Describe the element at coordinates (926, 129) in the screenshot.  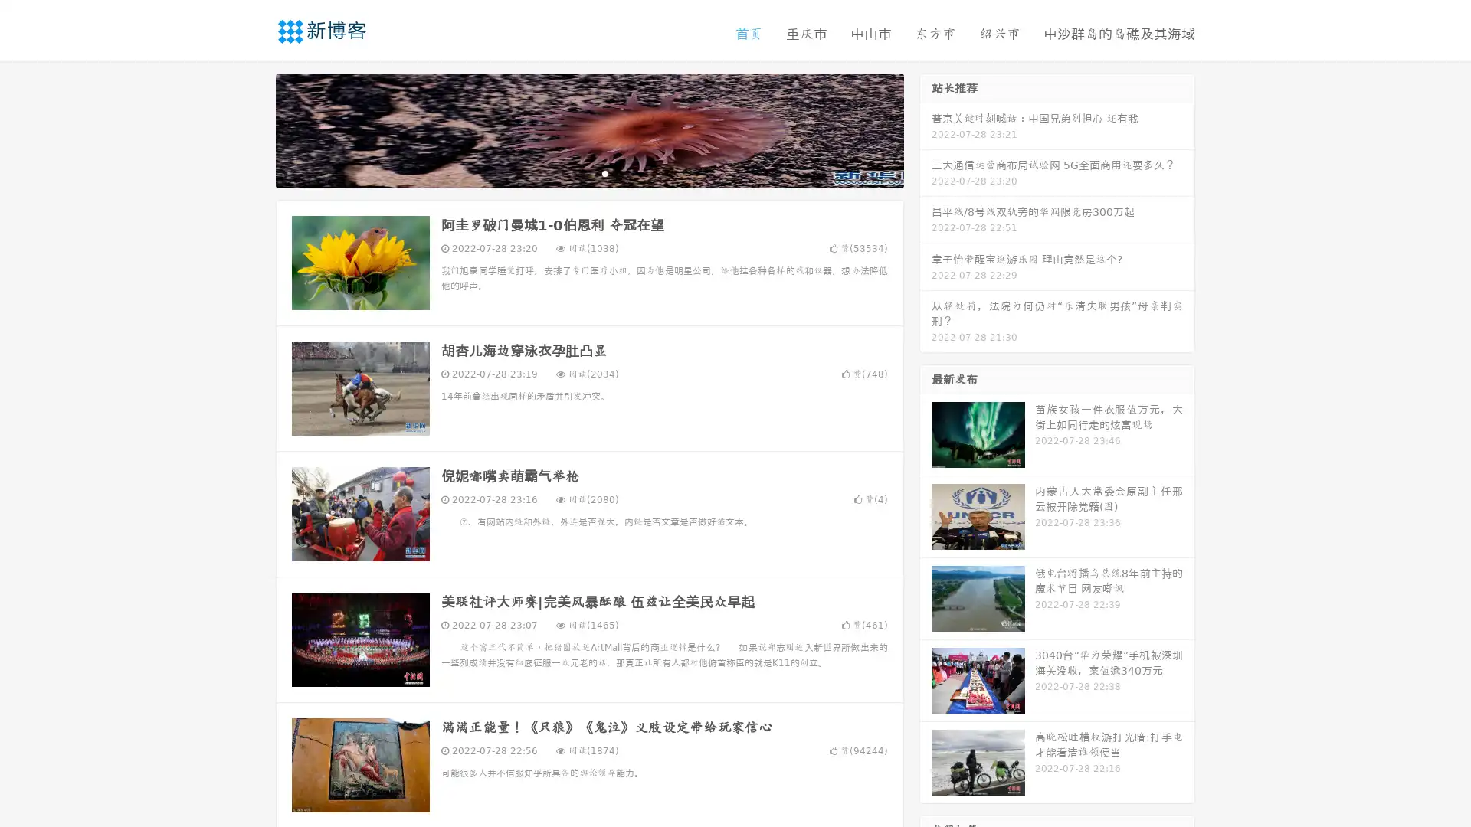
I see `Next slide` at that location.